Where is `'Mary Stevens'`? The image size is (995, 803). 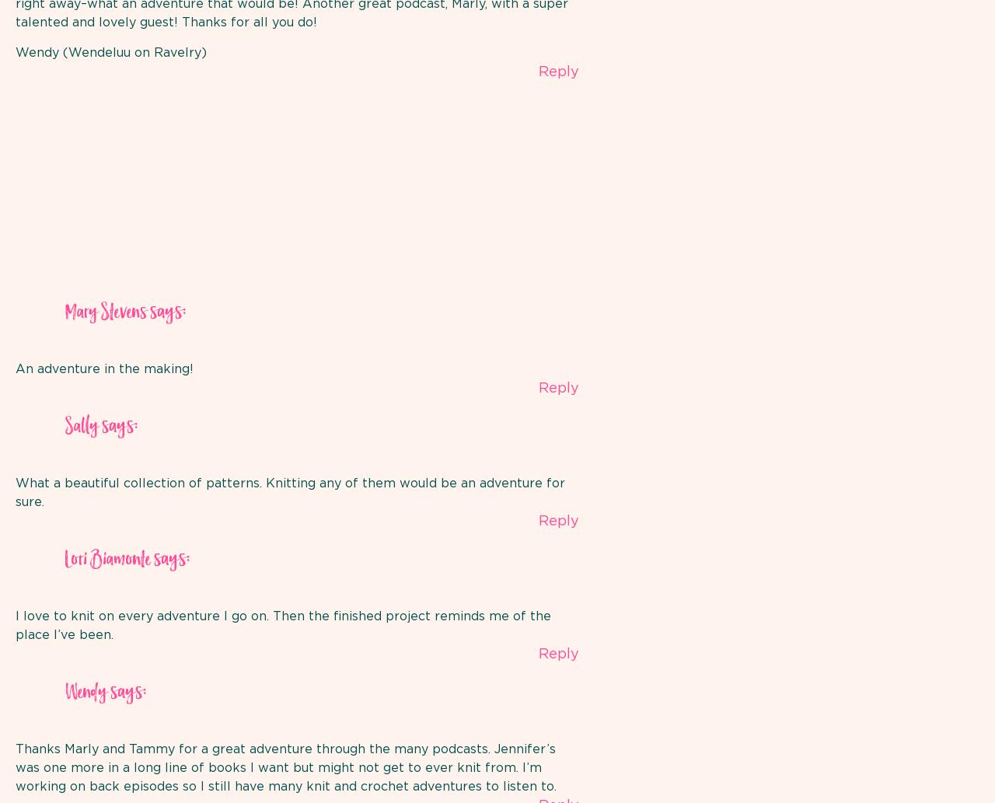
'Mary Stevens' is located at coordinates (64, 312).